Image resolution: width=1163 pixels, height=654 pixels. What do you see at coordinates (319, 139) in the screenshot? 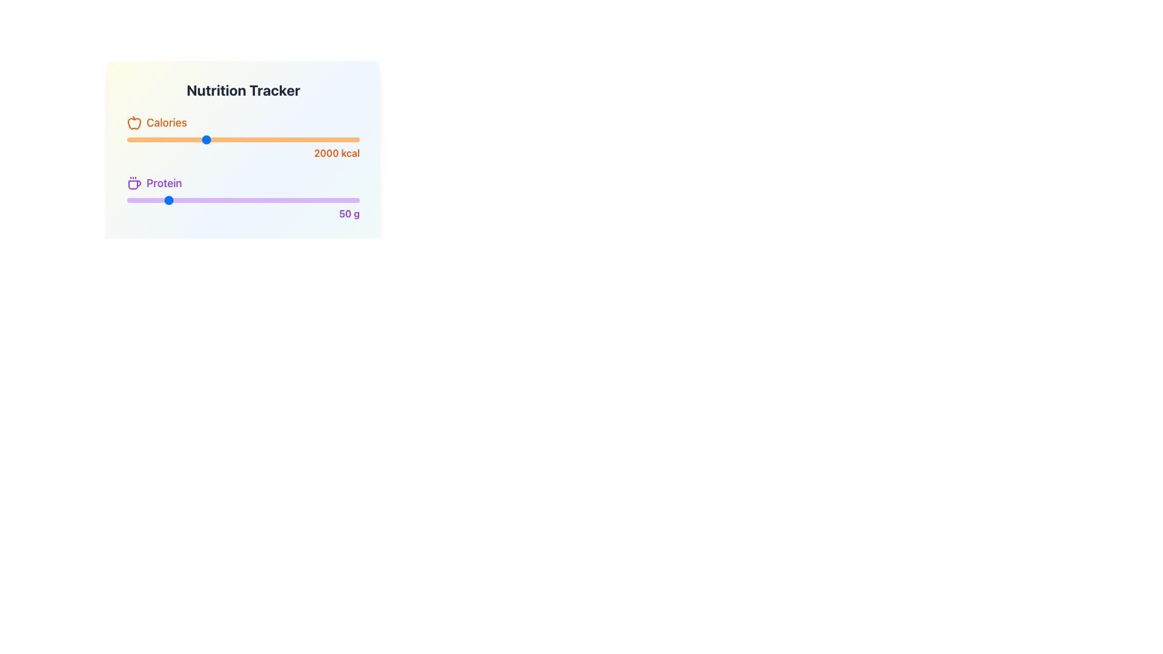
I see `calorie goal` at bounding box center [319, 139].